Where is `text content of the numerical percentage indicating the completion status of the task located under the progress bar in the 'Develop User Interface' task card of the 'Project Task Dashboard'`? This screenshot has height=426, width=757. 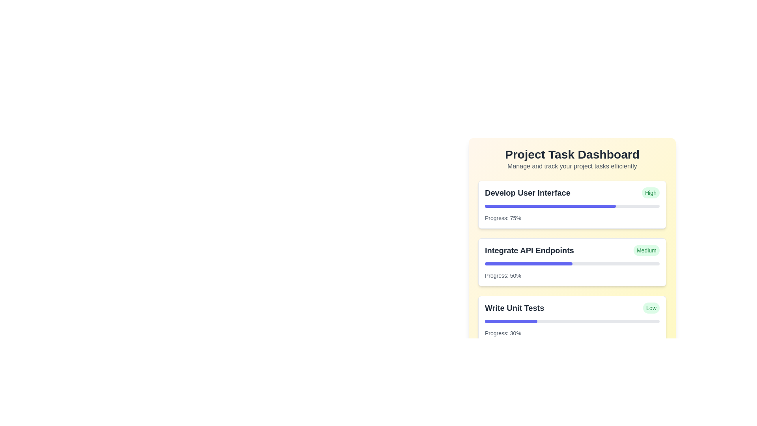 text content of the numerical percentage indicating the completion status of the task located under the progress bar in the 'Develop User Interface' task card of the 'Project Task Dashboard' is located at coordinates (502, 218).